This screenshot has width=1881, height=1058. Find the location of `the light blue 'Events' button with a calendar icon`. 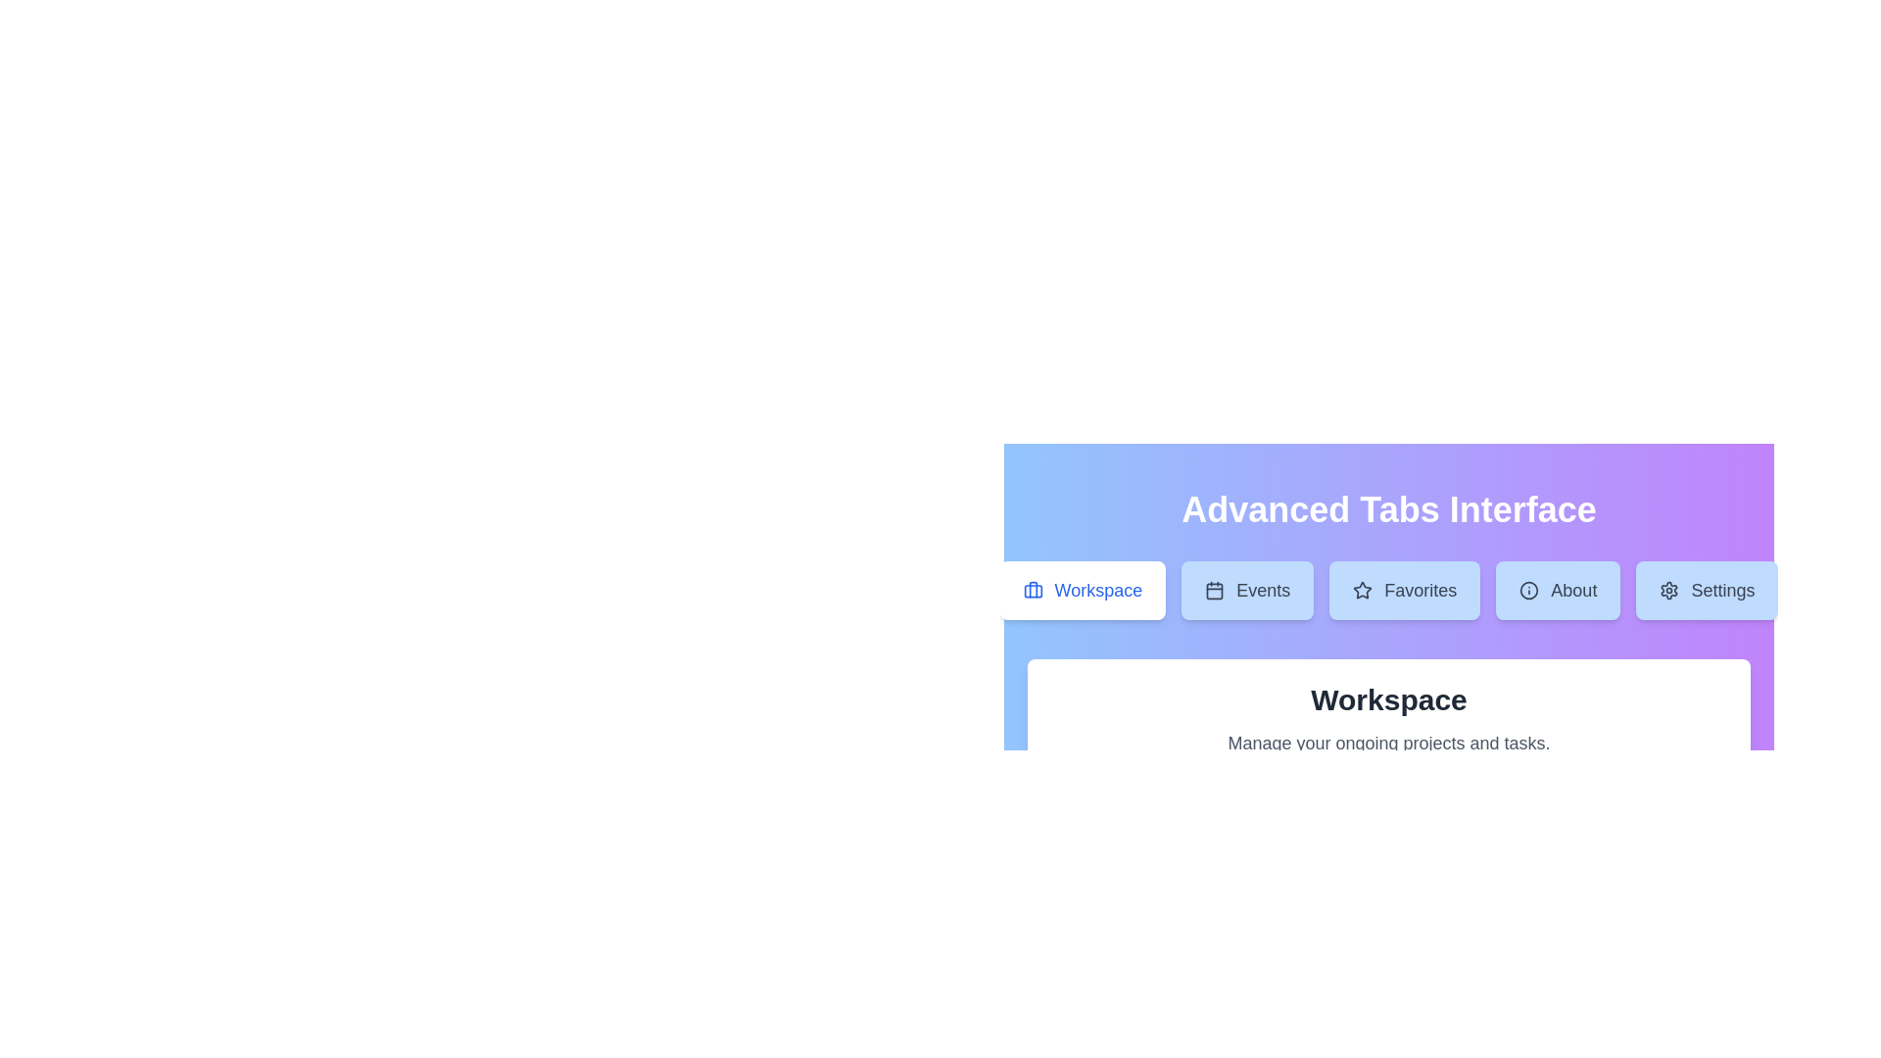

the light blue 'Events' button with a calendar icon is located at coordinates (1246, 589).